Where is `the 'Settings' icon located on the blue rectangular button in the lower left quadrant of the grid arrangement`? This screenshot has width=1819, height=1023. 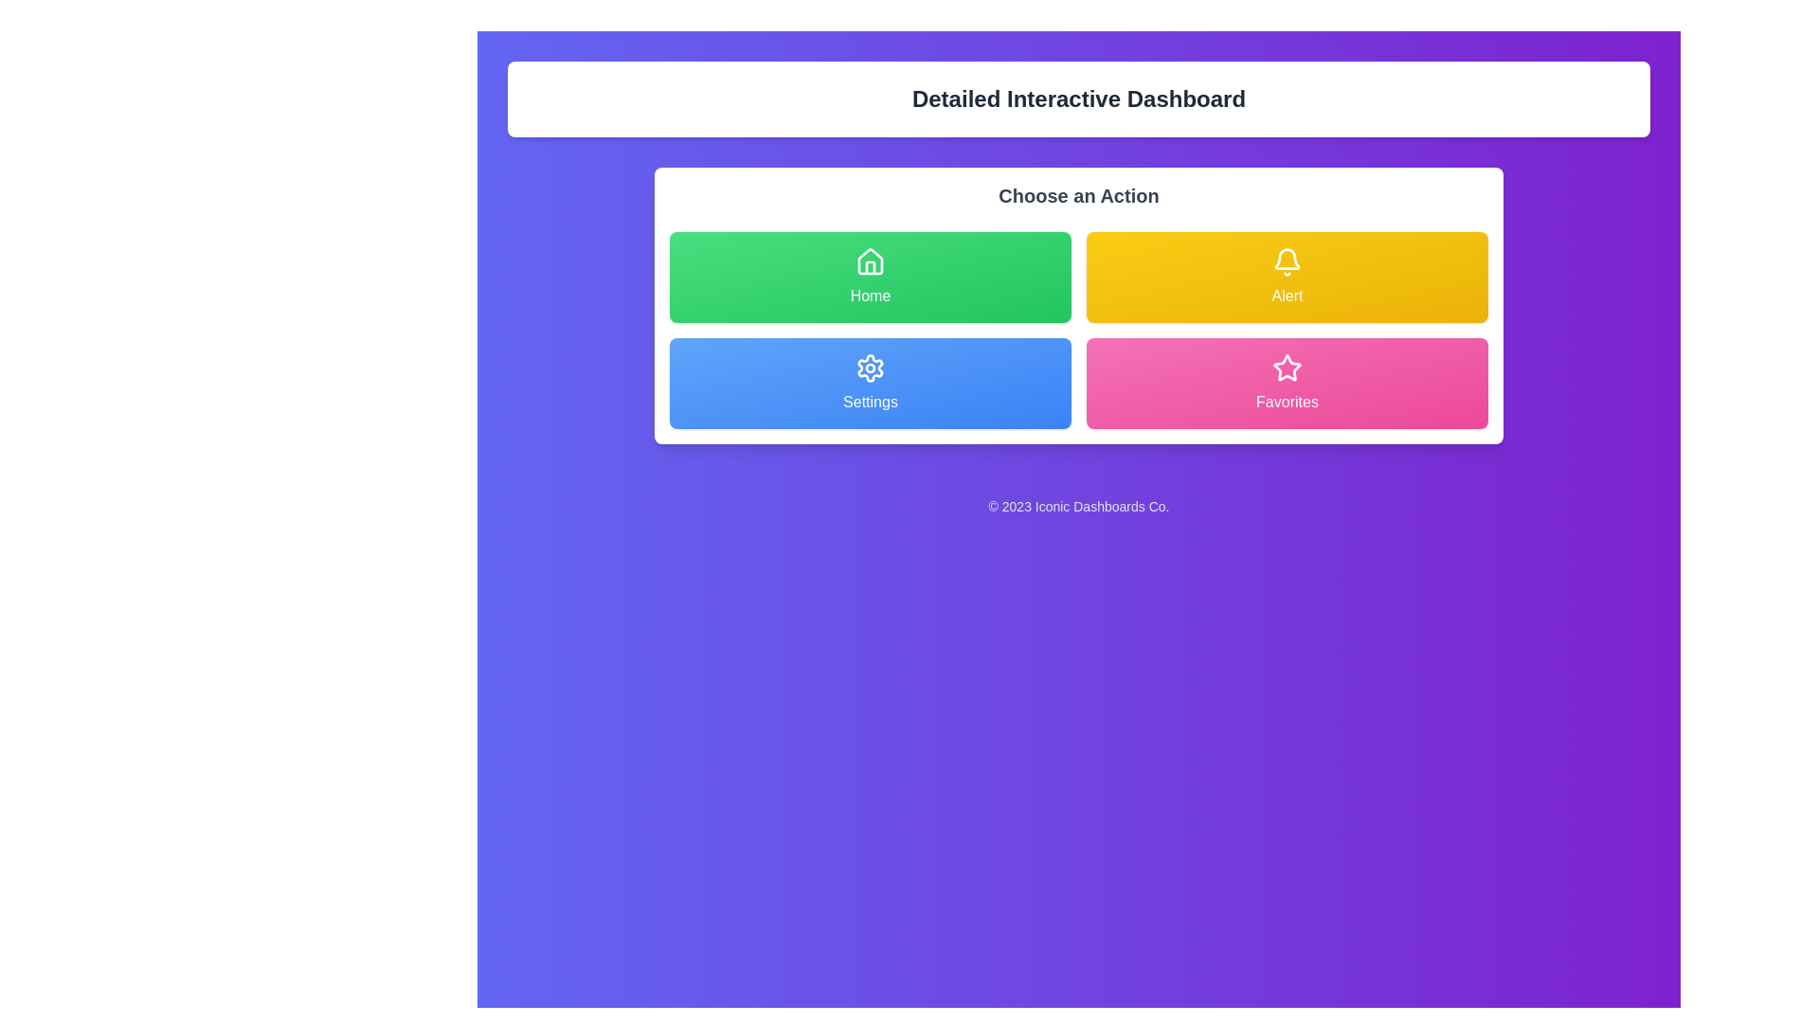 the 'Settings' icon located on the blue rectangular button in the lower left quadrant of the grid arrangement is located at coordinates (869, 368).